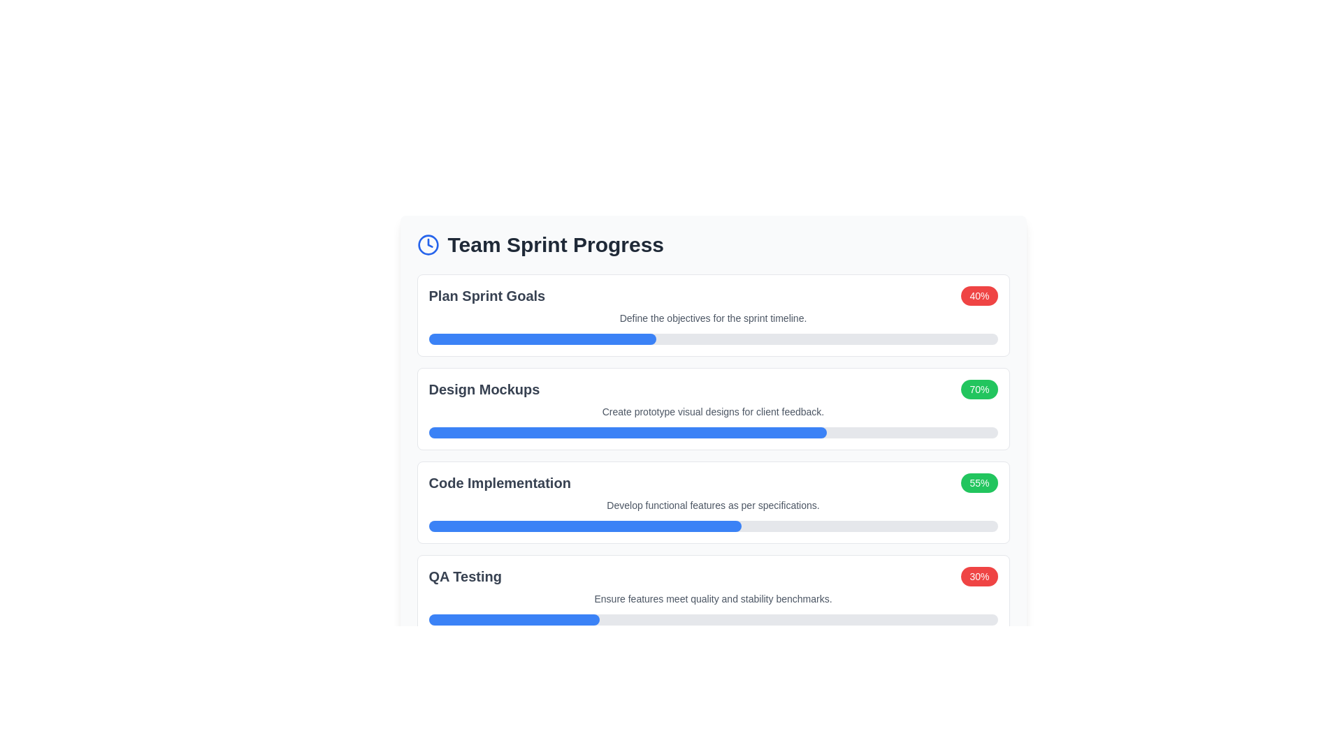  What do you see at coordinates (500, 482) in the screenshot?
I see `the text label 'Code Implementation', which is styled in bold with a larger font size and dark gray color, positioned to the left of a green badge labeled '55%' within the progress indicator area` at bounding box center [500, 482].